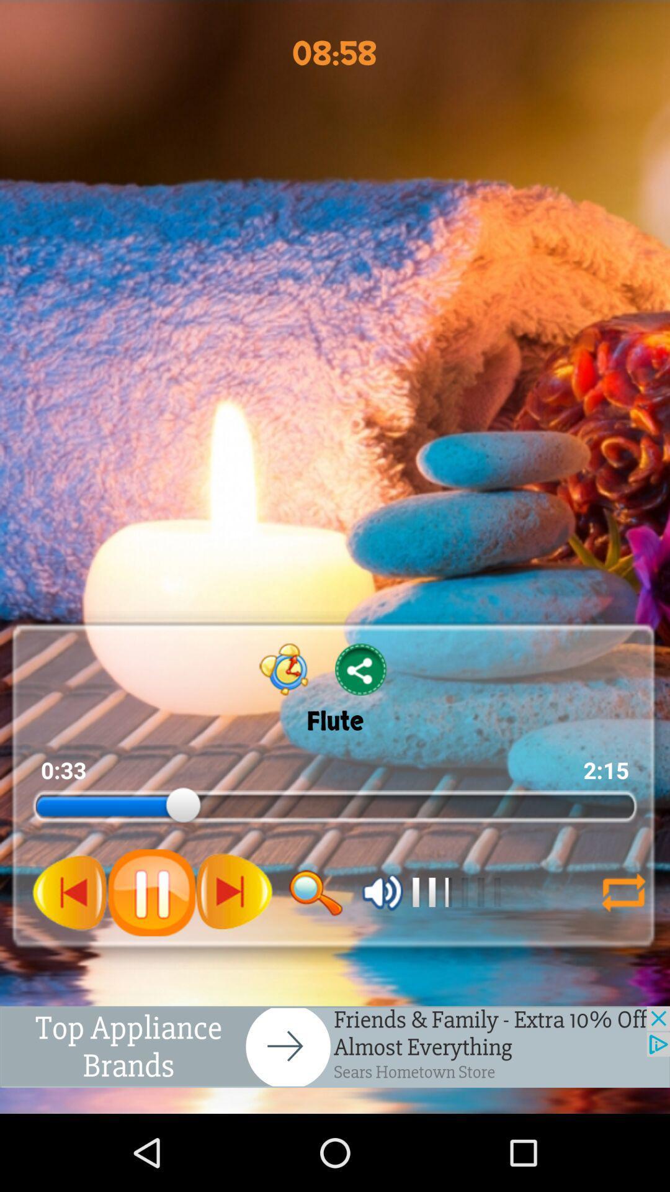 Image resolution: width=670 pixels, height=1192 pixels. Describe the element at coordinates (361, 716) in the screenshot. I see `the share icon` at that location.